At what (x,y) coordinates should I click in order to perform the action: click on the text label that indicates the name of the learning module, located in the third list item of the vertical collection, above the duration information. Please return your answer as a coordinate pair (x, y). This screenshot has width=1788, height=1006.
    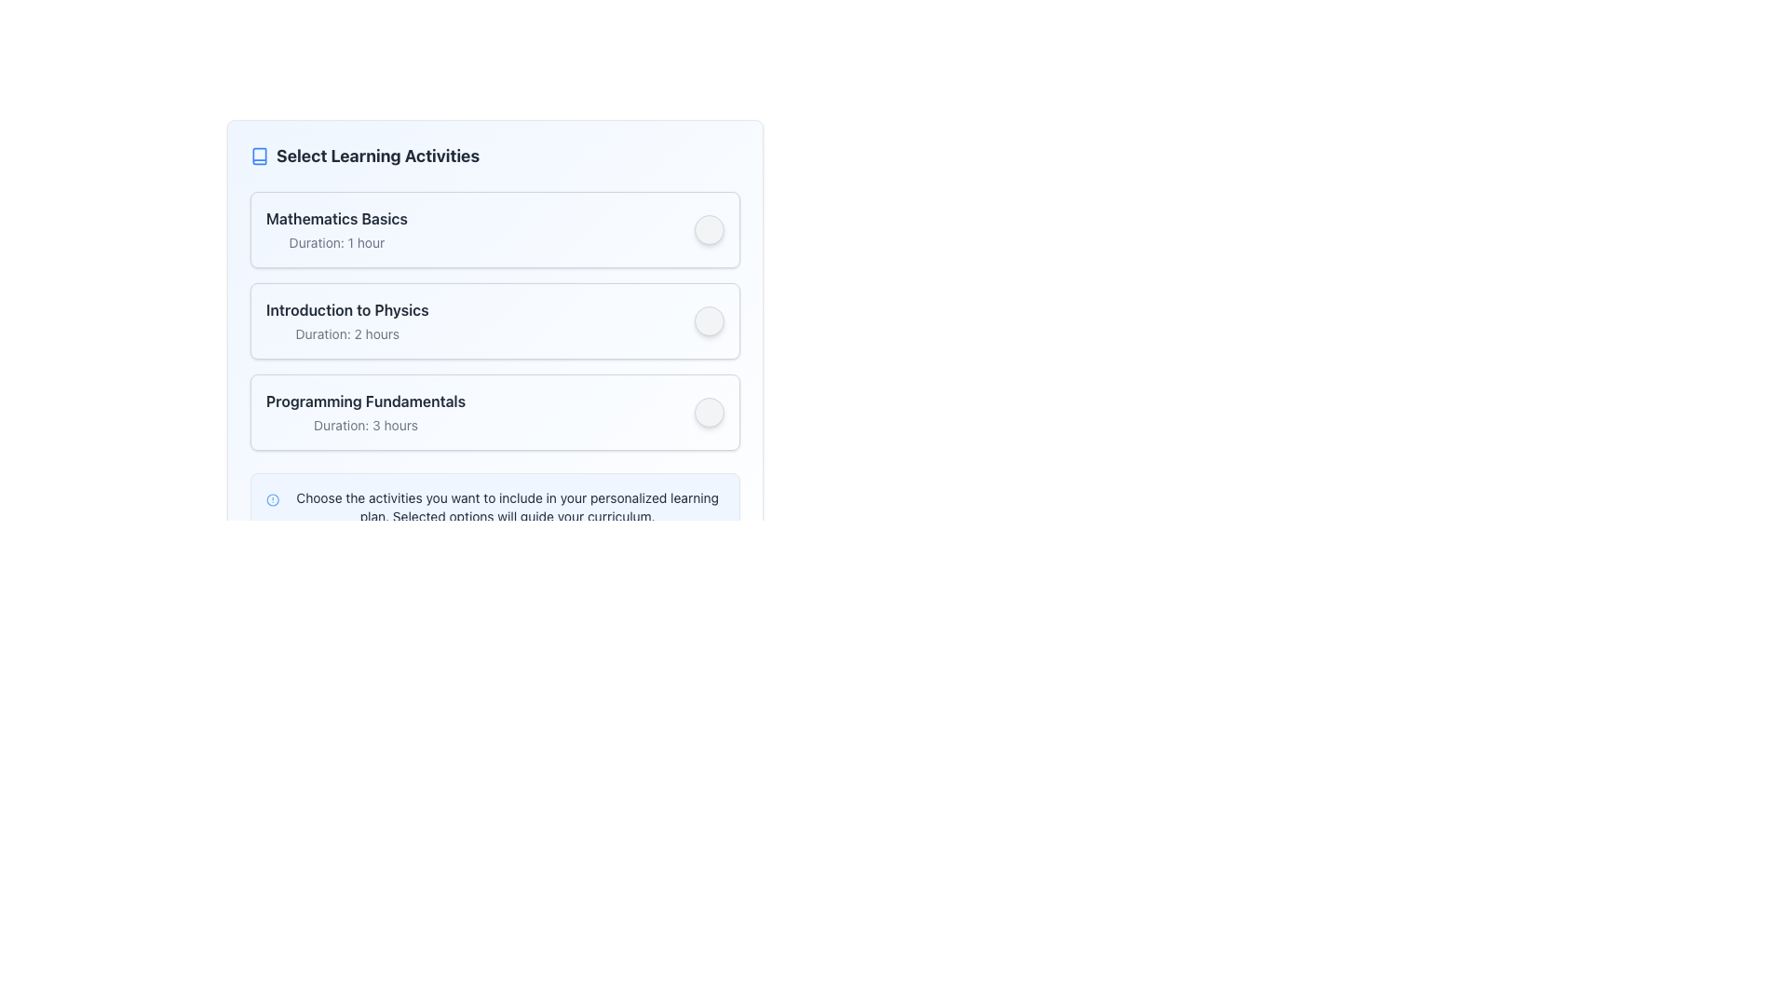
    Looking at the image, I should click on (366, 401).